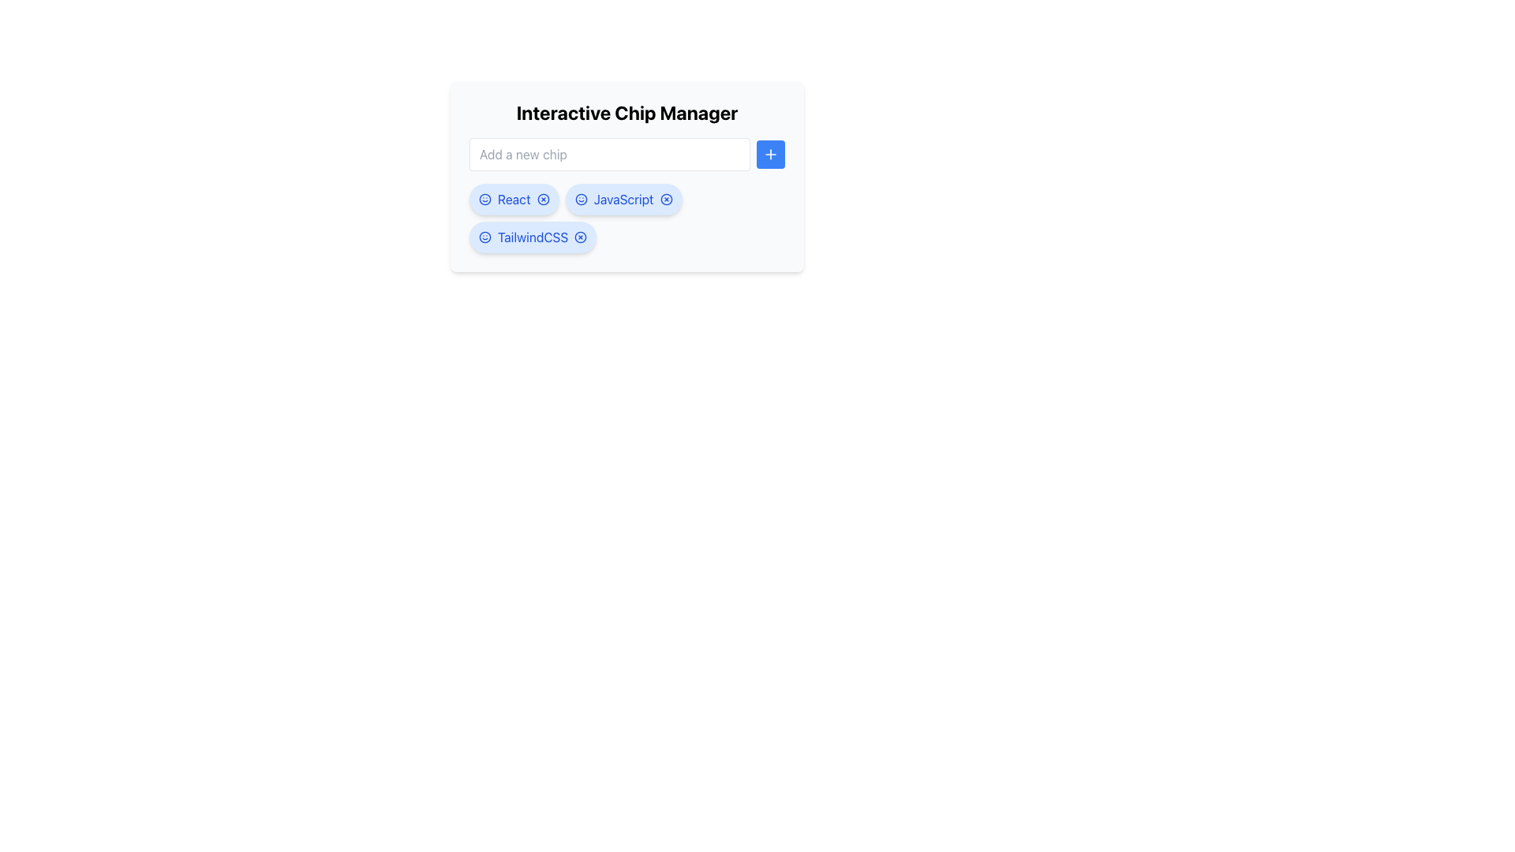 The width and height of the screenshot is (1515, 852). Describe the element at coordinates (484, 199) in the screenshot. I see `the smiling face icon located to the left of the 'React' text in the first chip of the 'Interactive Chip Manager' section` at that location.